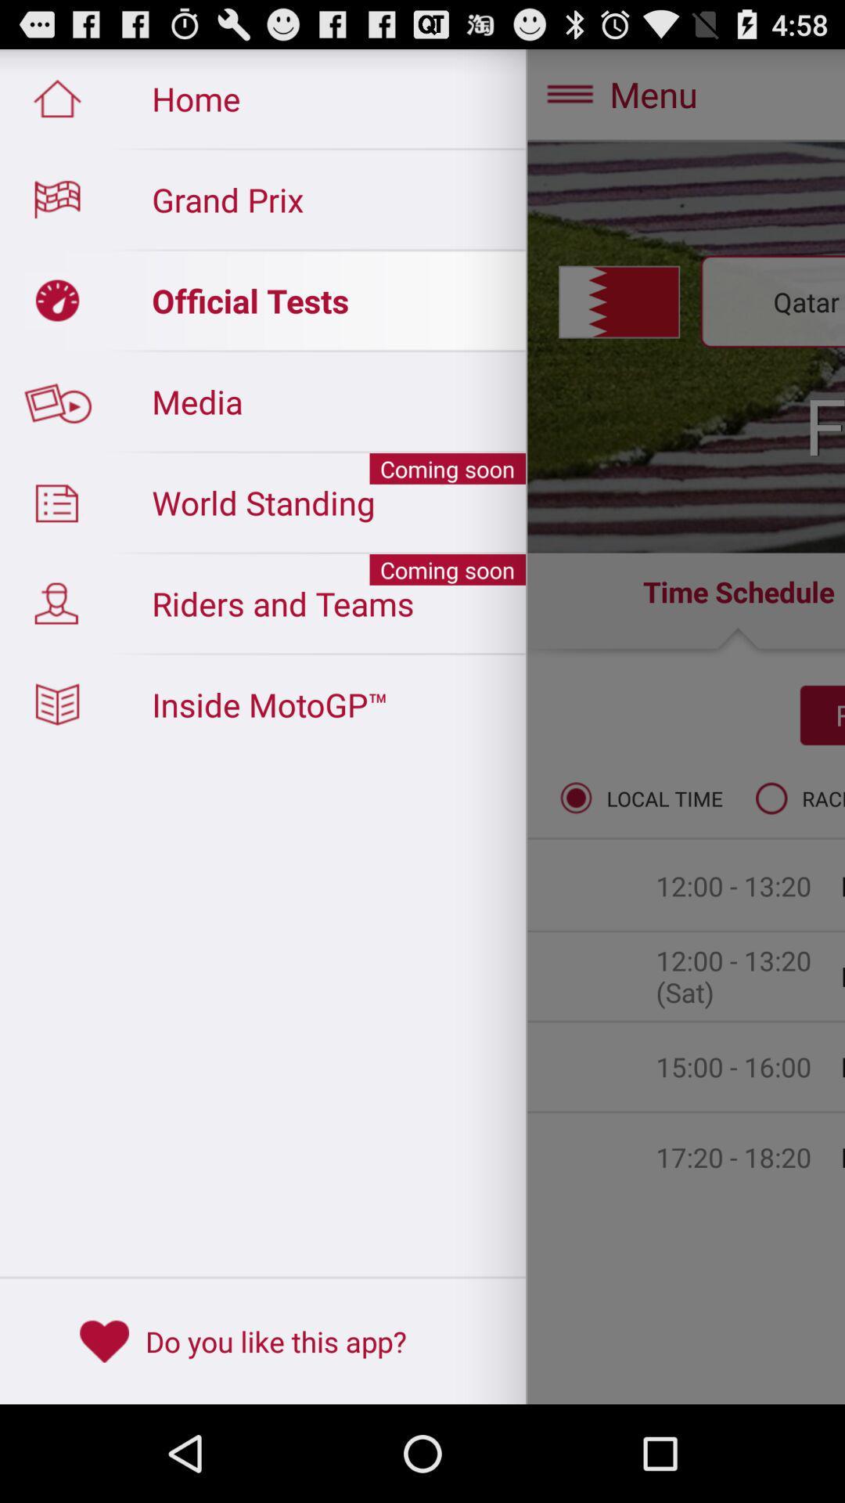  Describe the element at coordinates (618, 301) in the screenshot. I see `the symbol which is immediately to the left of qatar` at that location.